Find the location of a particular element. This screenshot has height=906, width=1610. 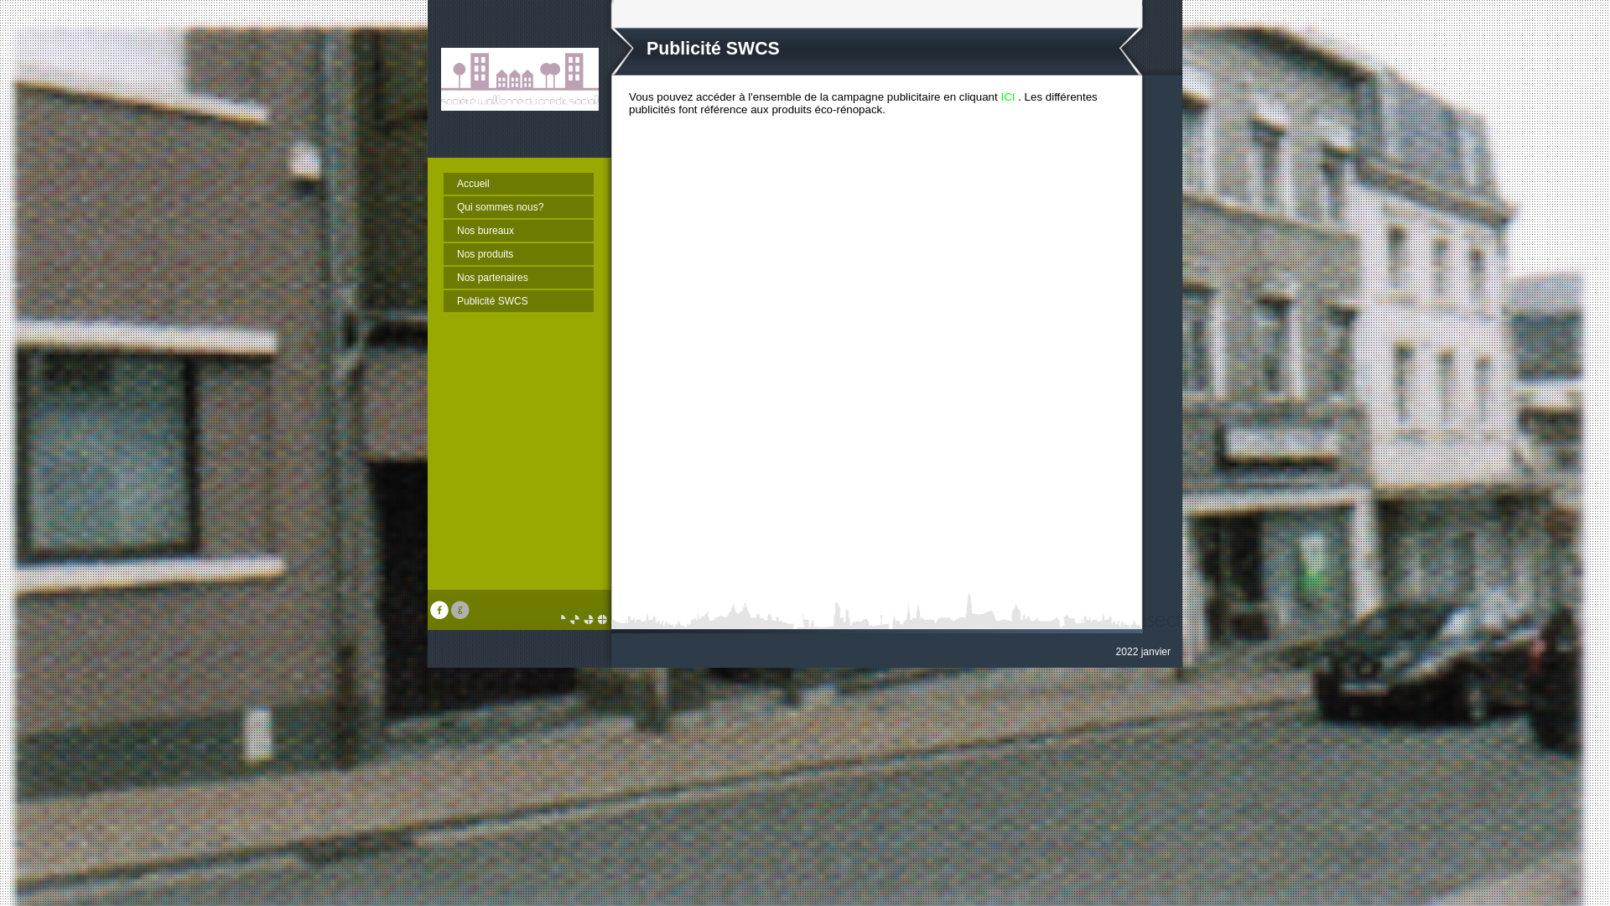

'cliquant ICI .' is located at coordinates (989, 96).